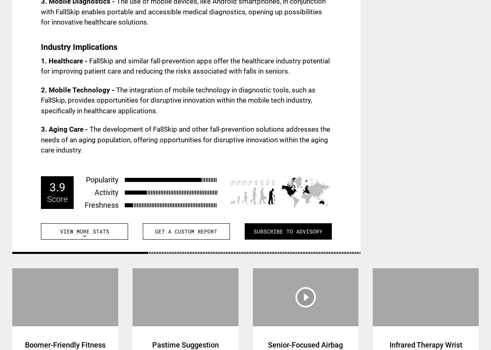 The height and width of the screenshot is (350, 491). Describe the element at coordinates (186, 230) in the screenshot. I see `'GET A CUSTOM REPORT'` at that location.